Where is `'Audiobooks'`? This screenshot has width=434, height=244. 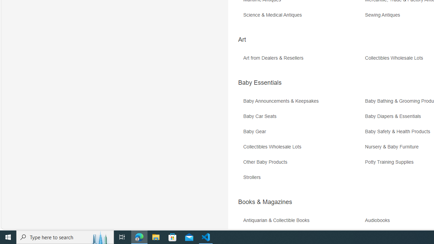 'Audiobooks' is located at coordinates (379, 220).